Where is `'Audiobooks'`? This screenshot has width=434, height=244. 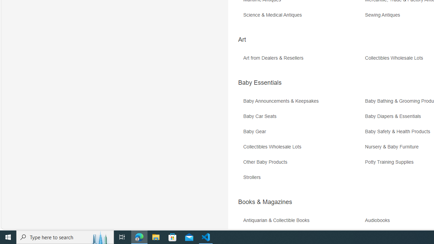 'Audiobooks' is located at coordinates (379, 220).